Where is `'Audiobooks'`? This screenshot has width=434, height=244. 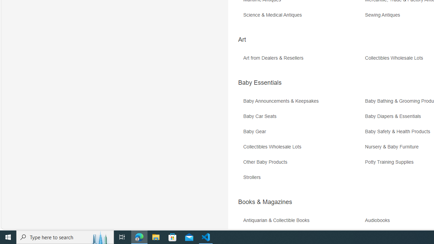 'Audiobooks' is located at coordinates (379, 220).